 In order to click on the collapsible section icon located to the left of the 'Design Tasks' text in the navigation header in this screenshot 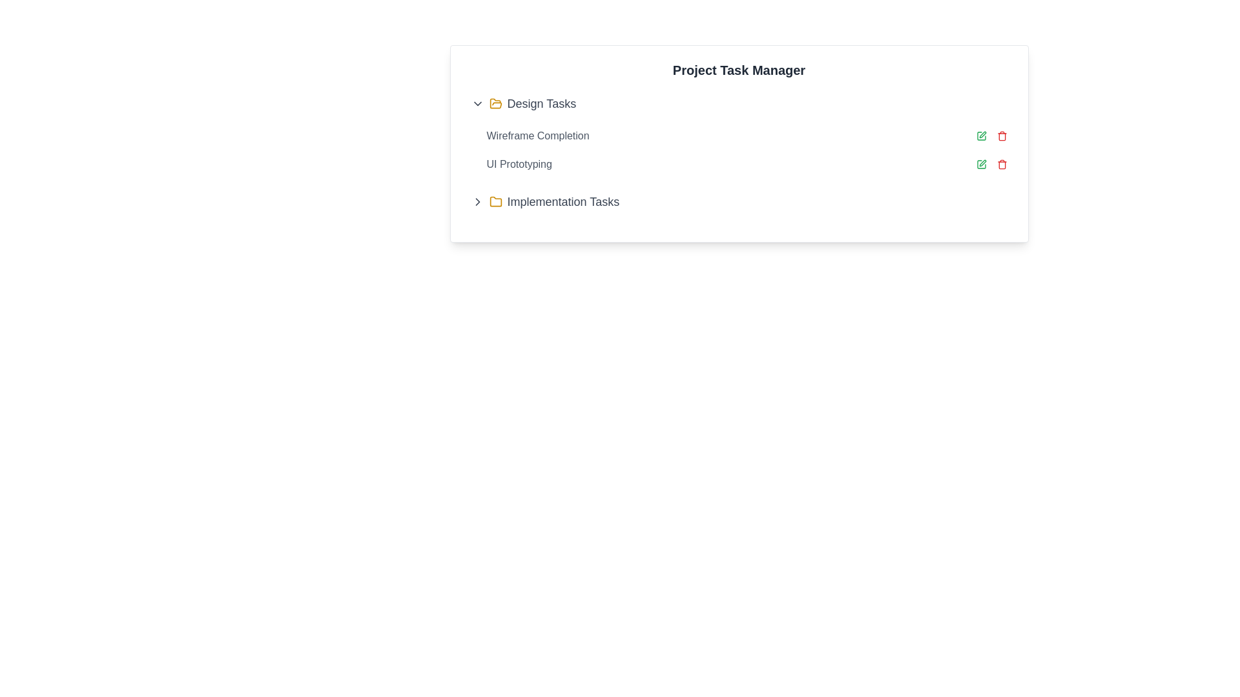, I will do `click(477, 103)`.